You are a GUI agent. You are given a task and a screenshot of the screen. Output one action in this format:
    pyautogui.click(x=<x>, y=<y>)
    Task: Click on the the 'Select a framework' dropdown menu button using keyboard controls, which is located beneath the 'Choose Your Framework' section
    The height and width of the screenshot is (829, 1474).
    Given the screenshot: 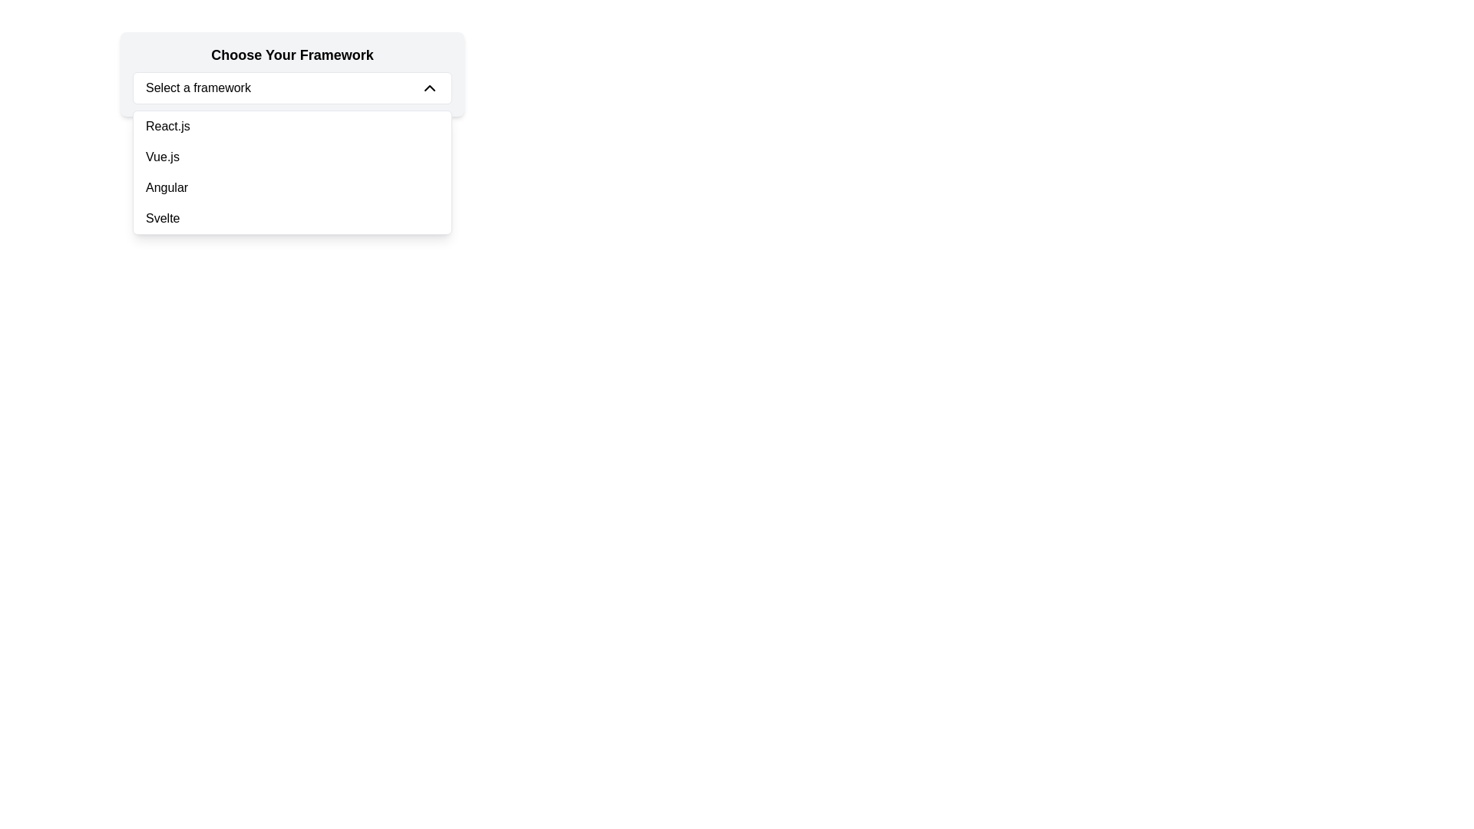 What is the action you would take?
    pyautogui.click(x=292, y=88)
    